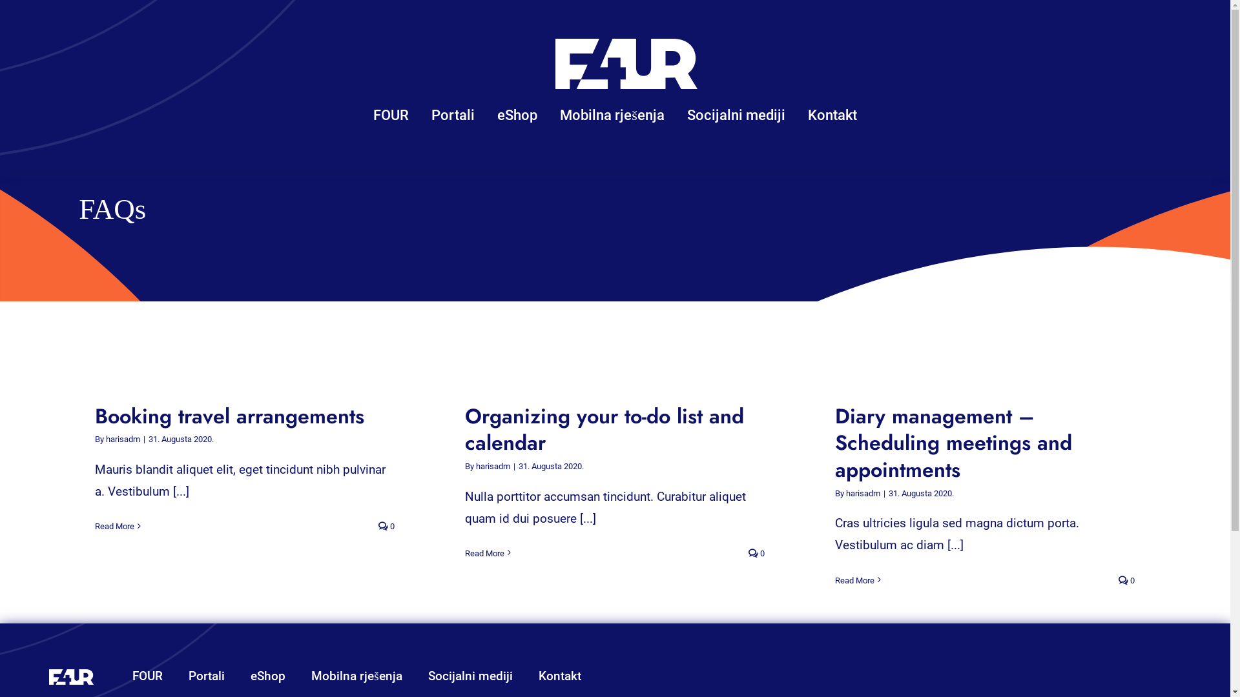 This screenshot has width=1240, height=697. What do you see at coordinates (132, 676) in the screenshot?
I see `'FOUR'` at bounding box center [132, 676].